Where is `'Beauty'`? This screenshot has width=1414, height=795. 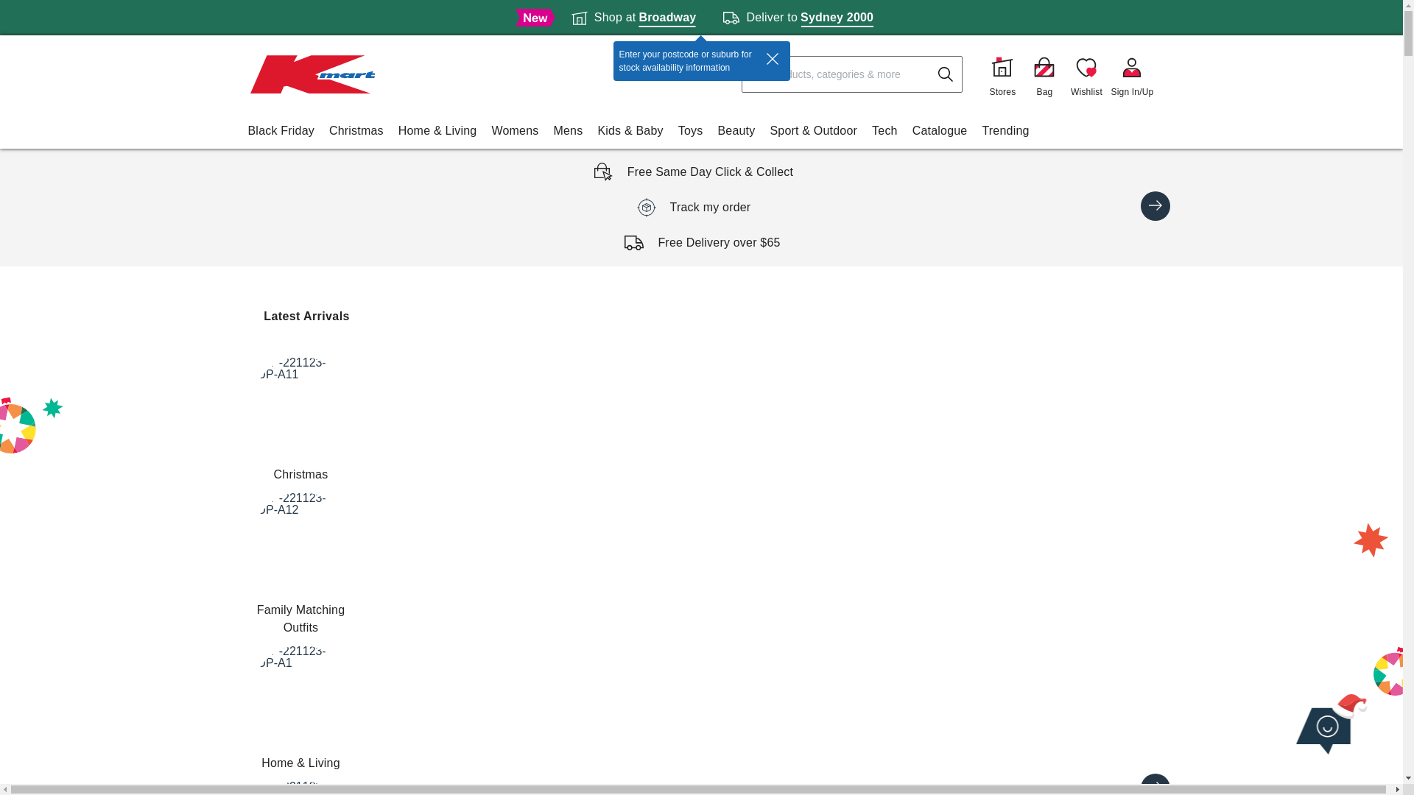 'Beauty' is located at coordinates (736, 130).